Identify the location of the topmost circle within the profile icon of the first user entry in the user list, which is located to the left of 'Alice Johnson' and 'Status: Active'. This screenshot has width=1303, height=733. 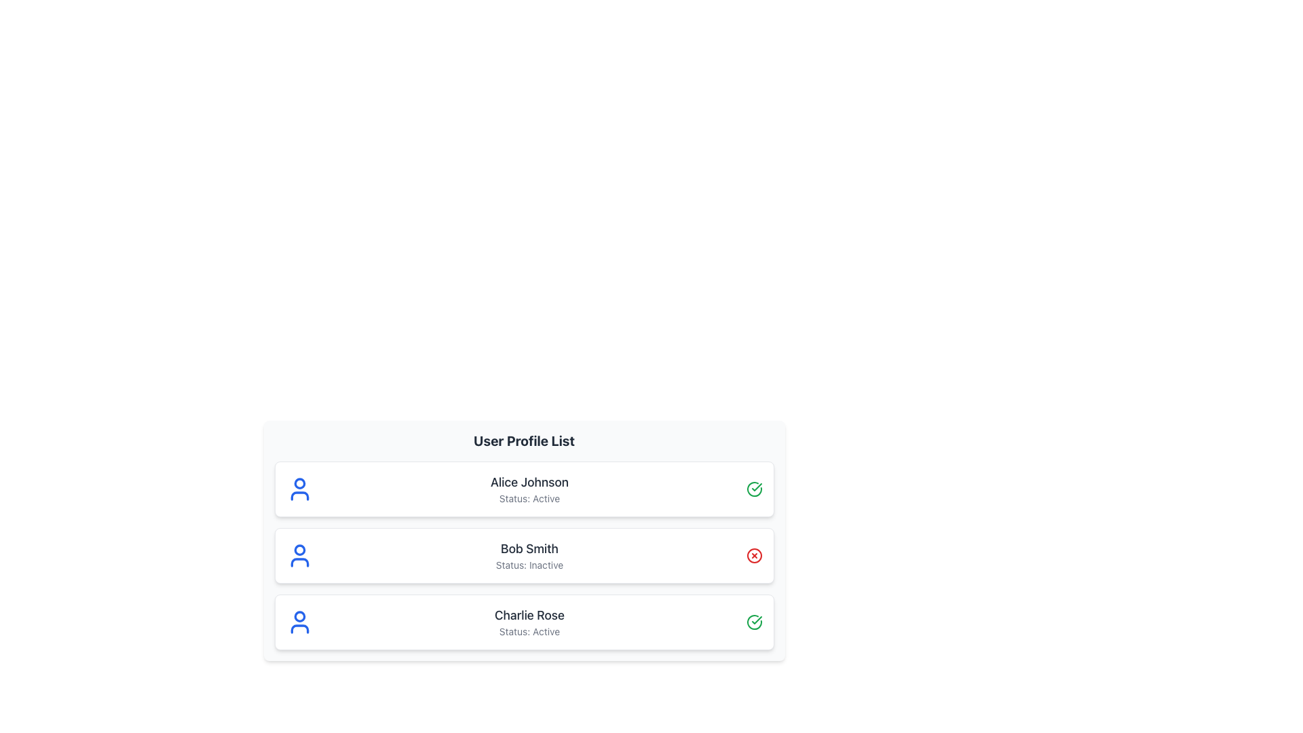
(299, 483).